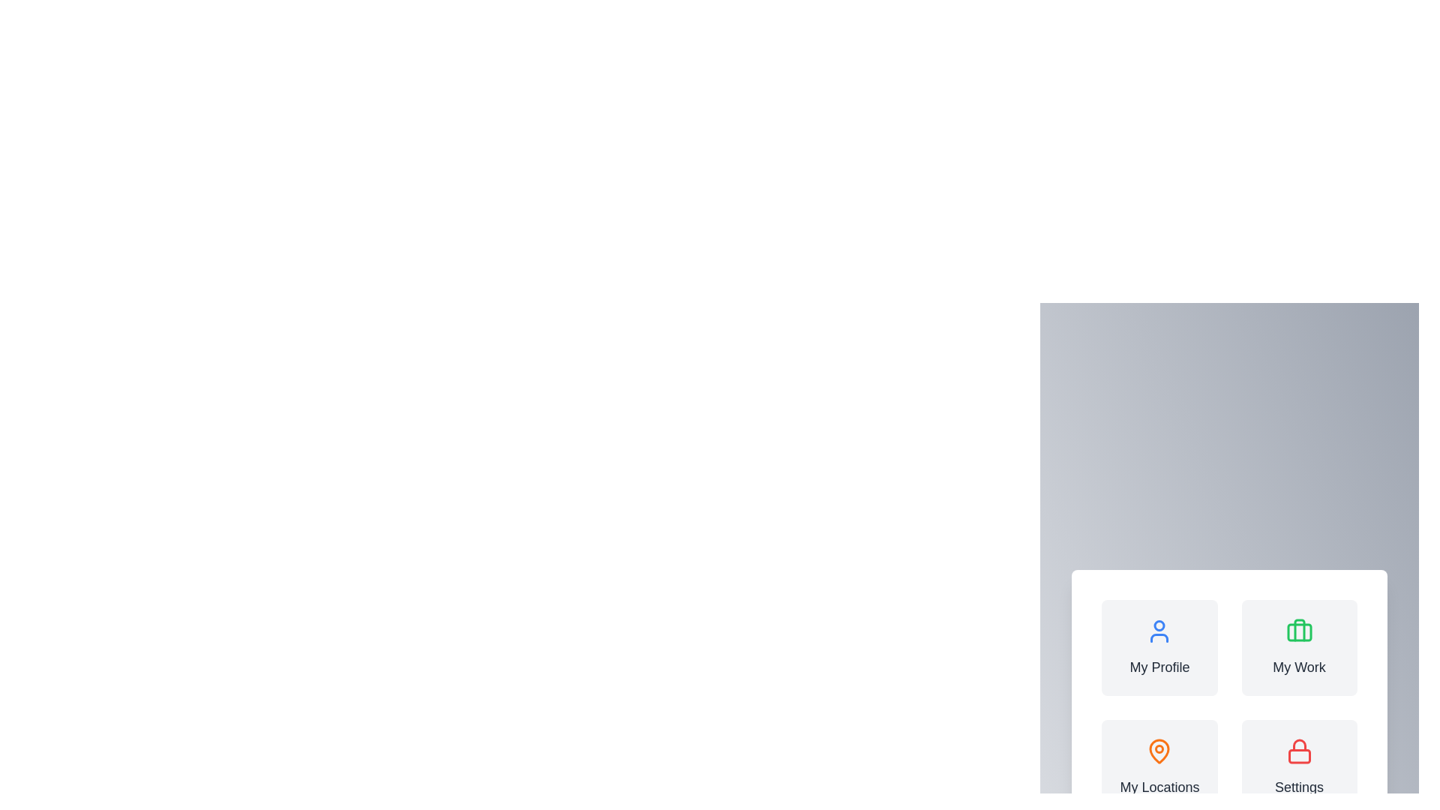  What do you see at coordinates (1298, 630) in the screenshot?
I see `the vertical line within the green suitcase icon located in the 'My Work' option in the top-right of the interface` at bounding box center [1298, 630].